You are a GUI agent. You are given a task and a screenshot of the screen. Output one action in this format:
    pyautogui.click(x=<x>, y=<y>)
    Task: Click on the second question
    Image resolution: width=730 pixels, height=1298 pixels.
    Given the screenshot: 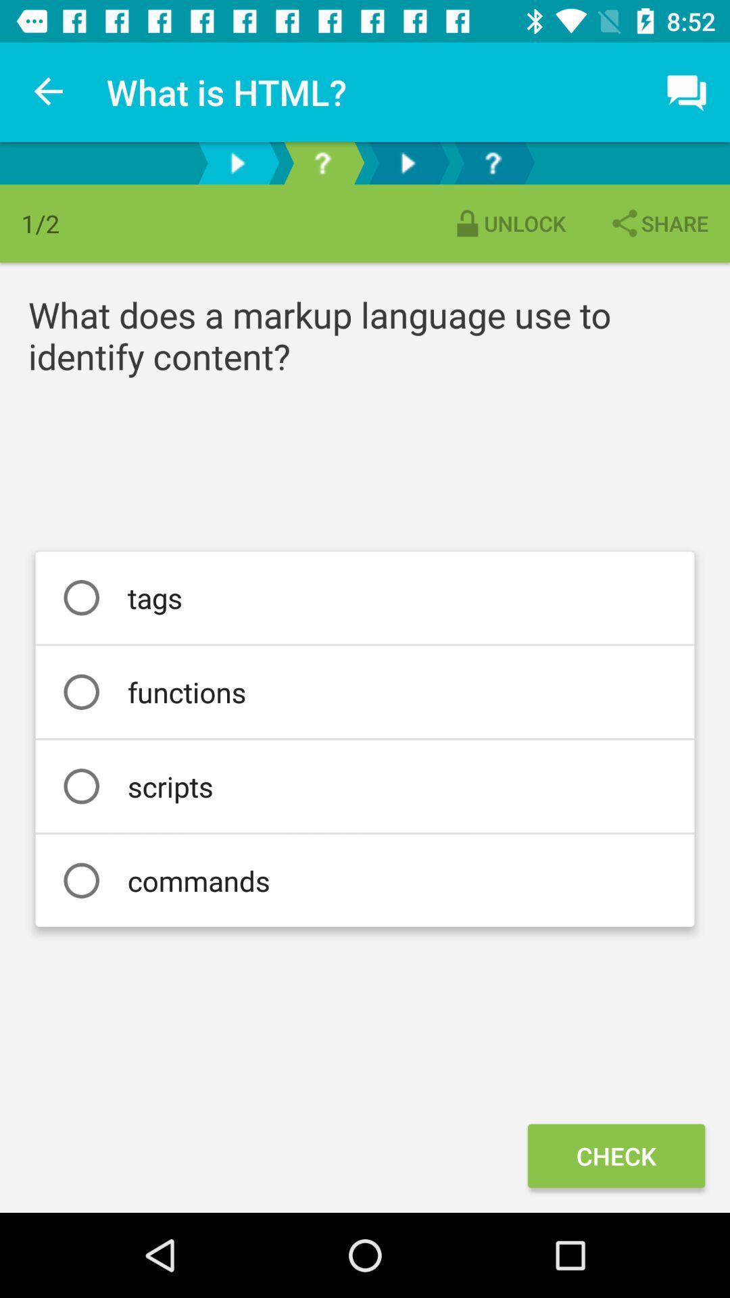 What is the action you would take?
    pyautogui.click(x=493, y=162)
    